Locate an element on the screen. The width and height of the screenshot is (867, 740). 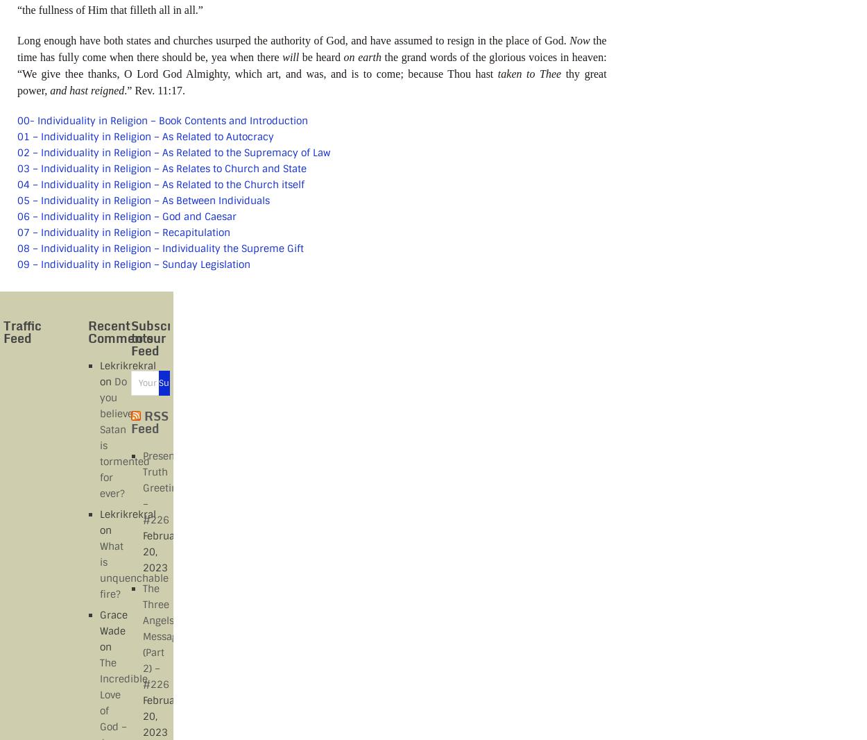
'Grace Wade' is located at coordinates (114, 622).